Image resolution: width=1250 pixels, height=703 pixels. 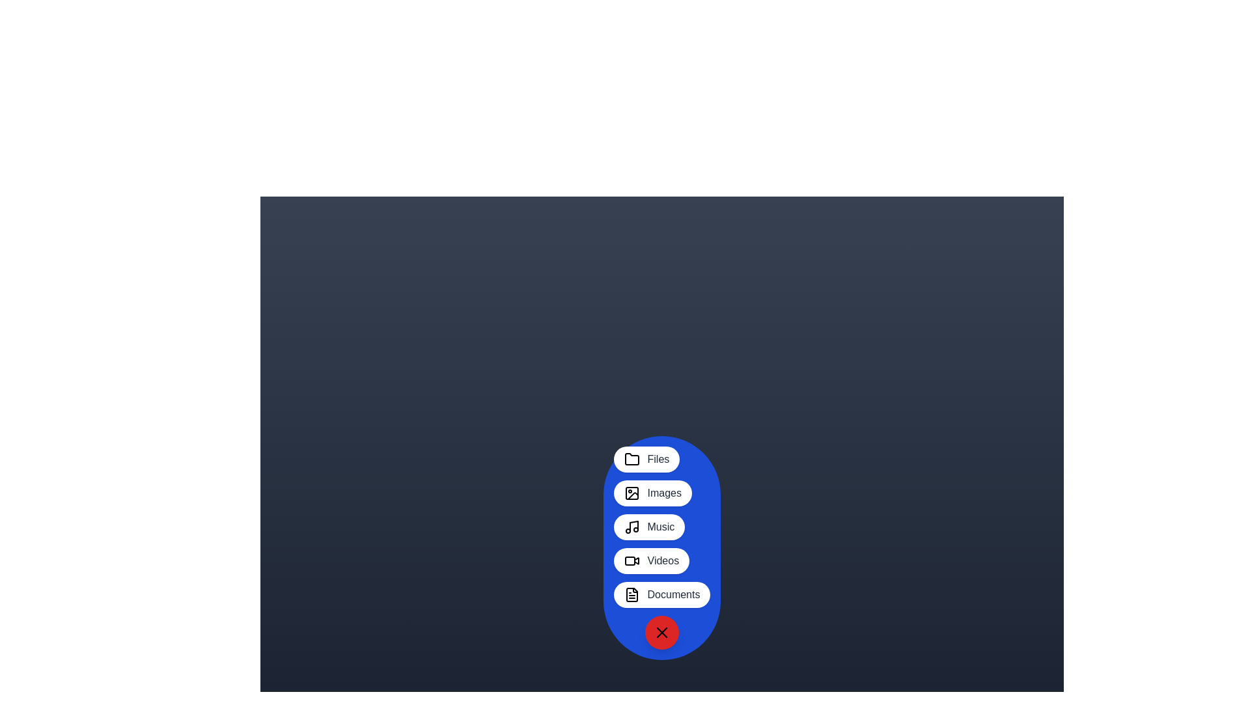 What do you see at coordinates (652, 560) in the screenshot?
I see `the button labeled 'Videos' to observe its hover effect` at bounding box center [652, 560].